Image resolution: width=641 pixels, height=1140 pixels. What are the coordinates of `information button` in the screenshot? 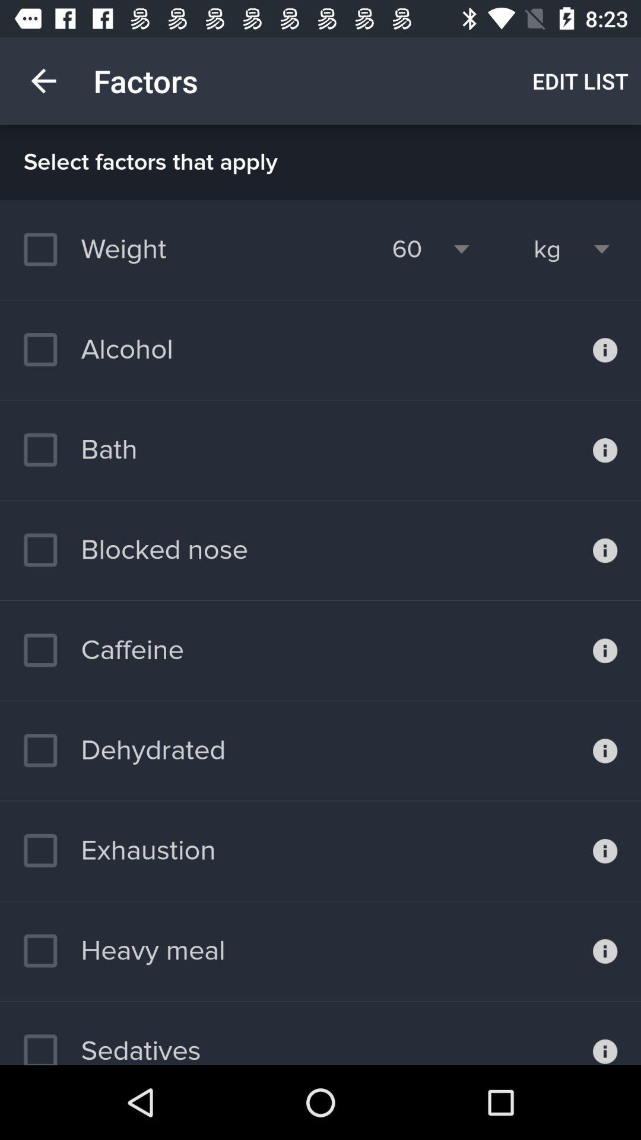 It's located at (605, 650).